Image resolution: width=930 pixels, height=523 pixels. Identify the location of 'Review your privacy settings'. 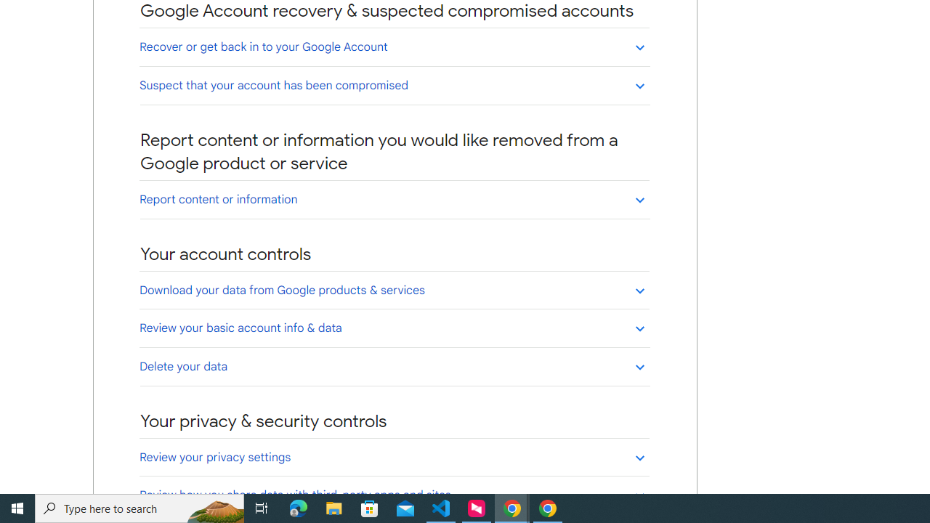
(394, 456).